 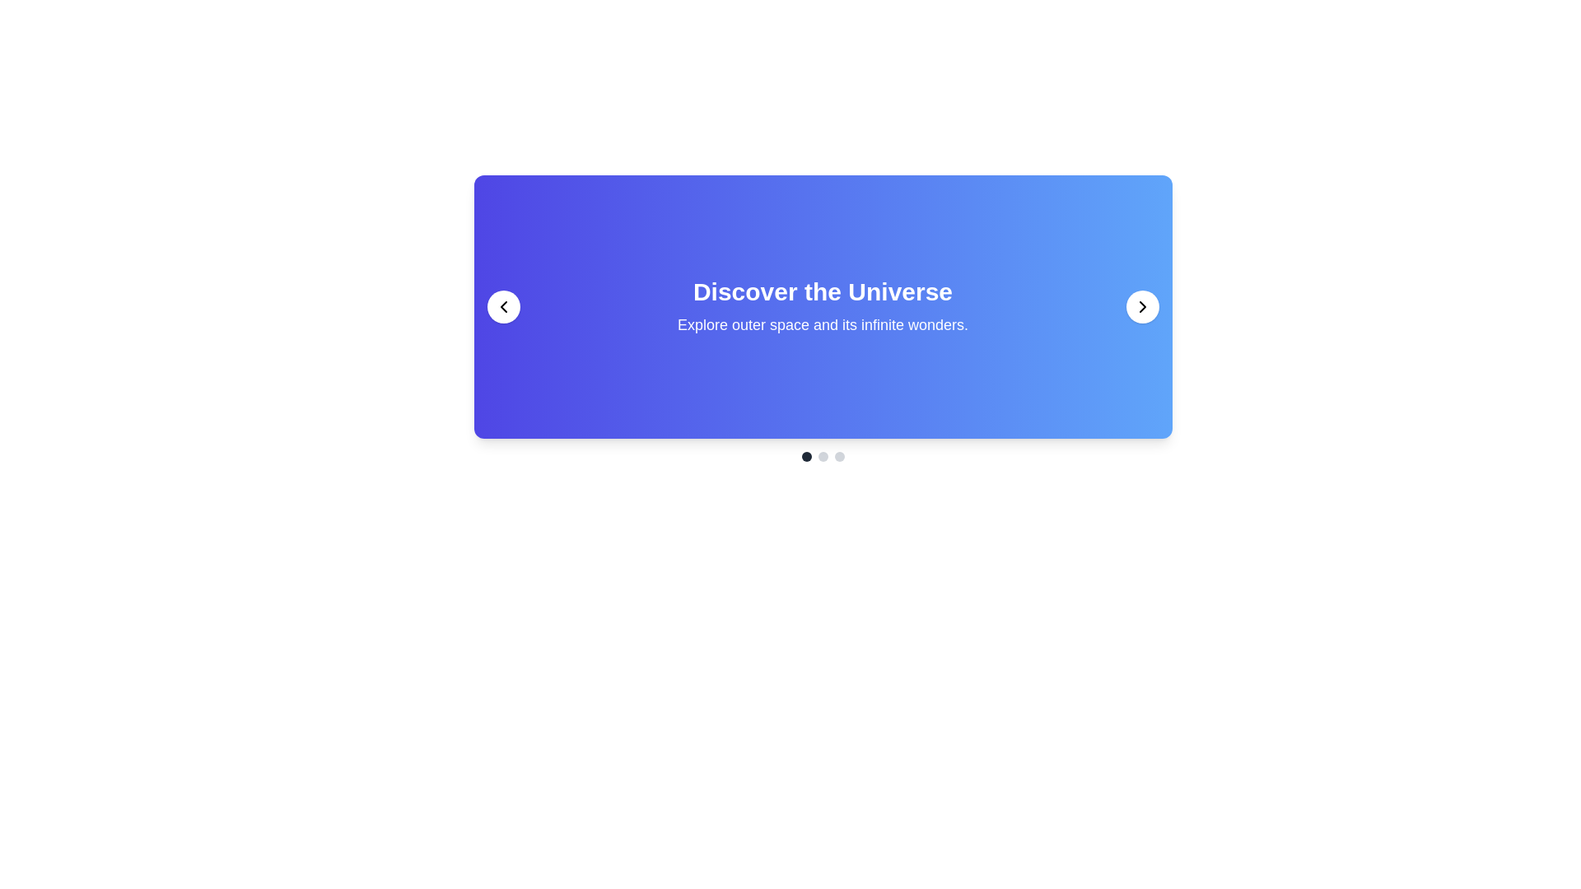 What do you see at coordinates (839, 457) in the screenshot?
I see `the third gray Navigation Dot positioned below the text 'Discover the Universe'` at bounding box center [839, 457].